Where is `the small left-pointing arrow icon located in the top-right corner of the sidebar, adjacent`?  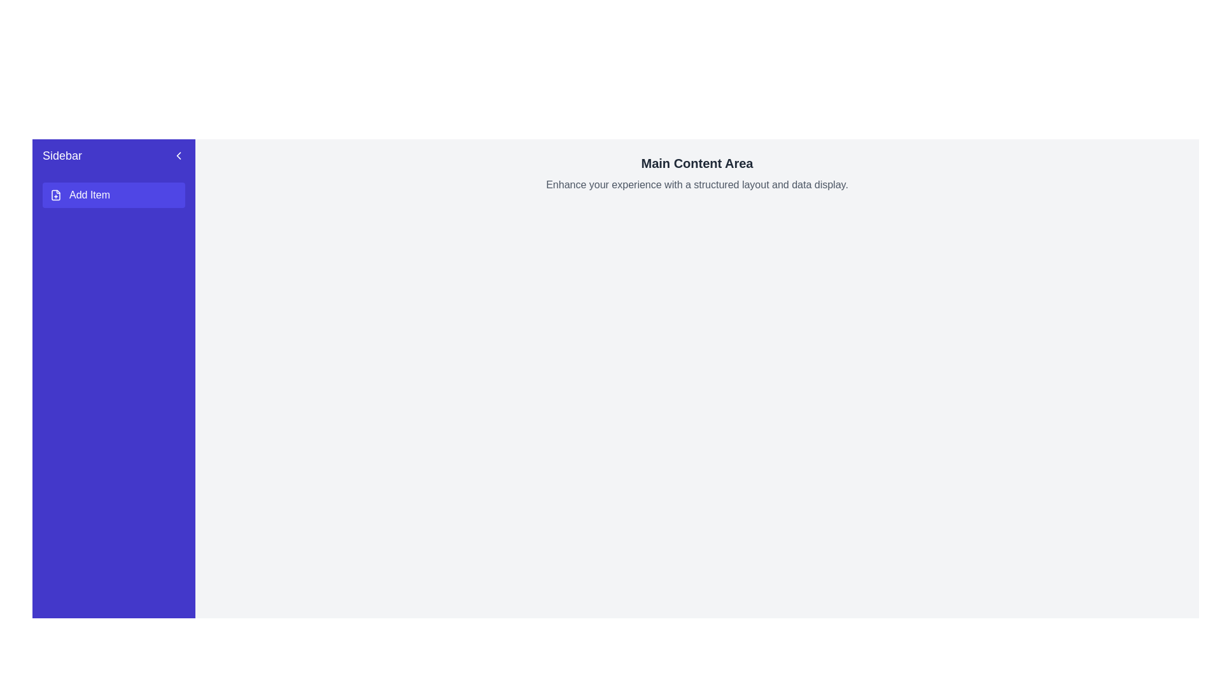 the small left-pointing arrow icon located in the top-right corner of the sidebar, adjacent is located at coordinates (178, 155).